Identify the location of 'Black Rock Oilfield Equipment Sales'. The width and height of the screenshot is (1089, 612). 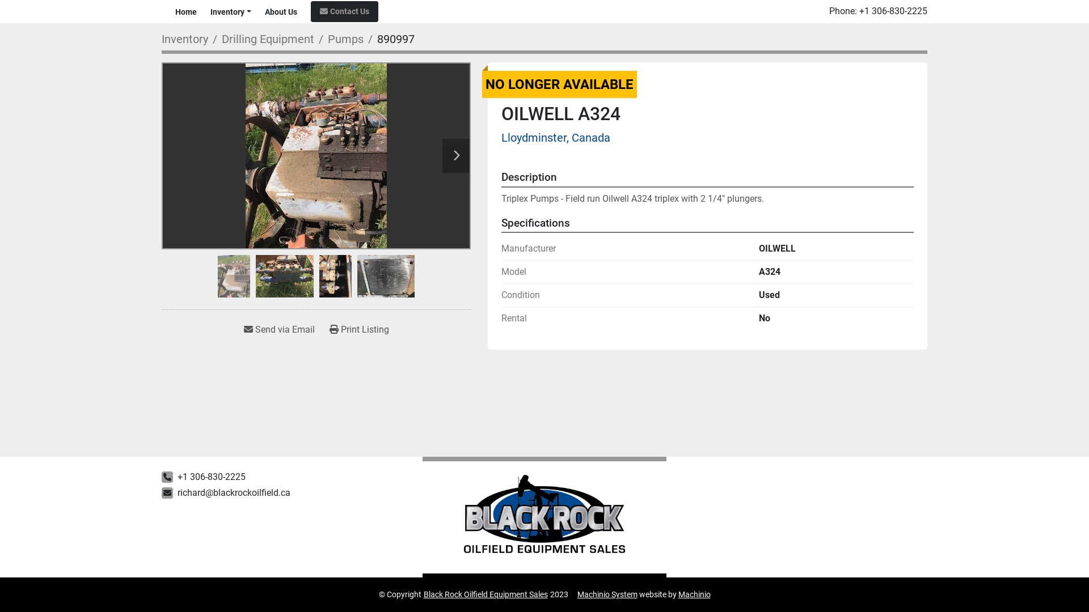
(485, 594).